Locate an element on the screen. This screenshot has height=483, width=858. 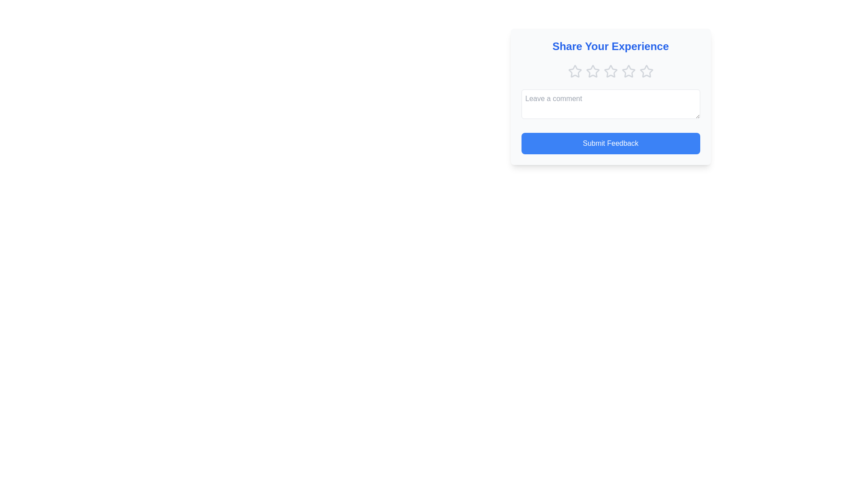
the third star icon in the rating system is located at coordinates (593, 71).